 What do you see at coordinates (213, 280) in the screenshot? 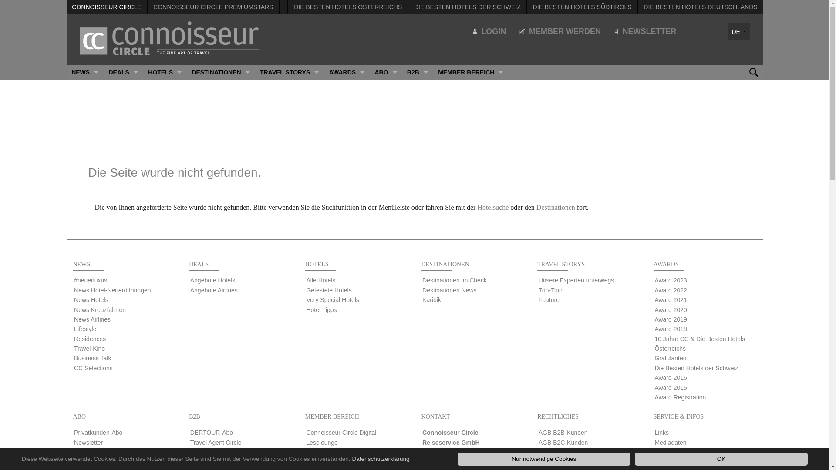
I see `'Angebote Hotels'` at bounding box center [213, 280].